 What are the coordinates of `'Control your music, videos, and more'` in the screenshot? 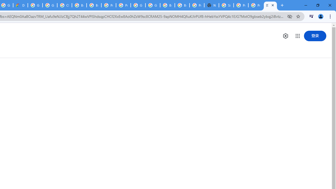 It's located at (311, 16).